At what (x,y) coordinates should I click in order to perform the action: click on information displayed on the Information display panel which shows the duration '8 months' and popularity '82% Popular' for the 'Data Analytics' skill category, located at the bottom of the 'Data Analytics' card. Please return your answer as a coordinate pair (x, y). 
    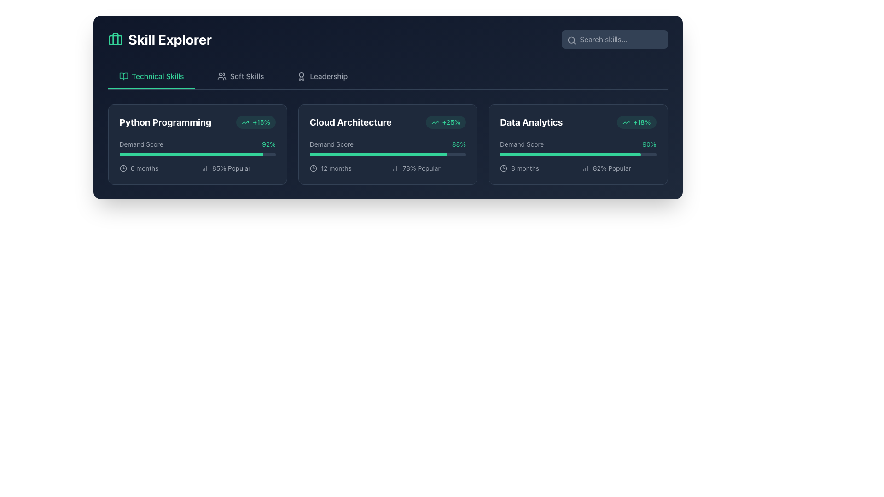
    Looking at the image, I should click on (577, 168).